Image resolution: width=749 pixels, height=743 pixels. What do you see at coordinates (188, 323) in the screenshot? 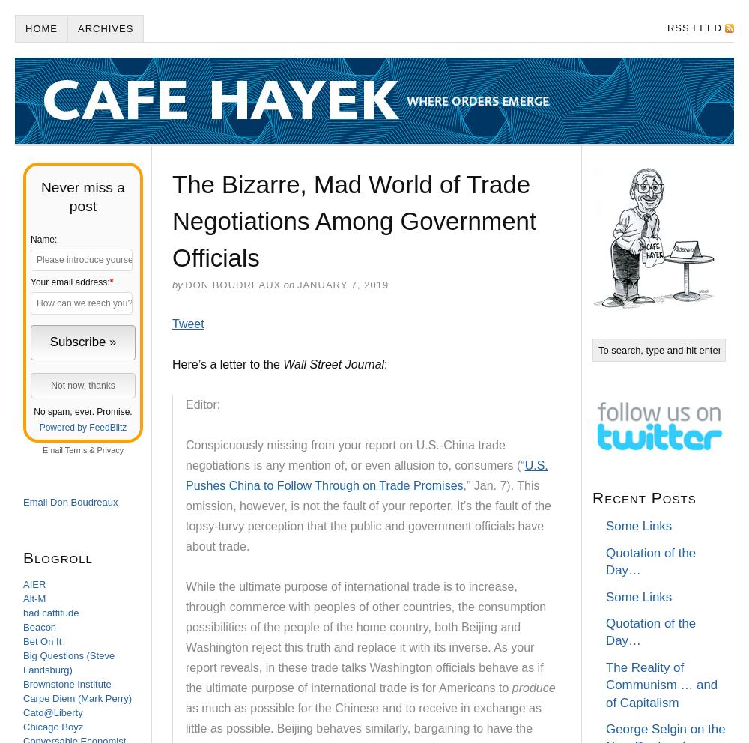
I see `'Tweet'` at bounding box center [188, 323].